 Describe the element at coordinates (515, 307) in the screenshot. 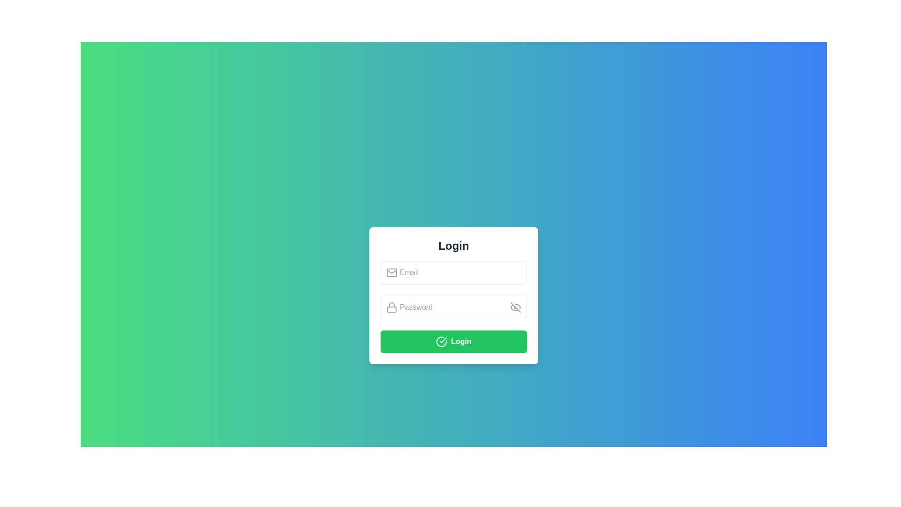

I see `the icon button located immediately to the right of the password input field` at that location.